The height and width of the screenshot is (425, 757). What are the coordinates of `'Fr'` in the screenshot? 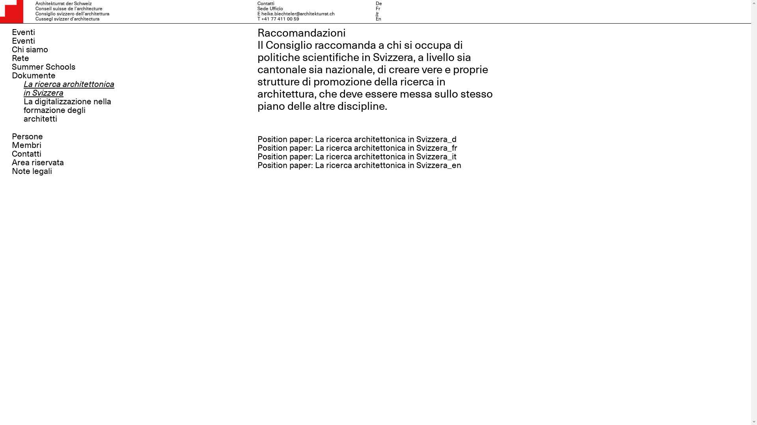 It's located at (377, 9).